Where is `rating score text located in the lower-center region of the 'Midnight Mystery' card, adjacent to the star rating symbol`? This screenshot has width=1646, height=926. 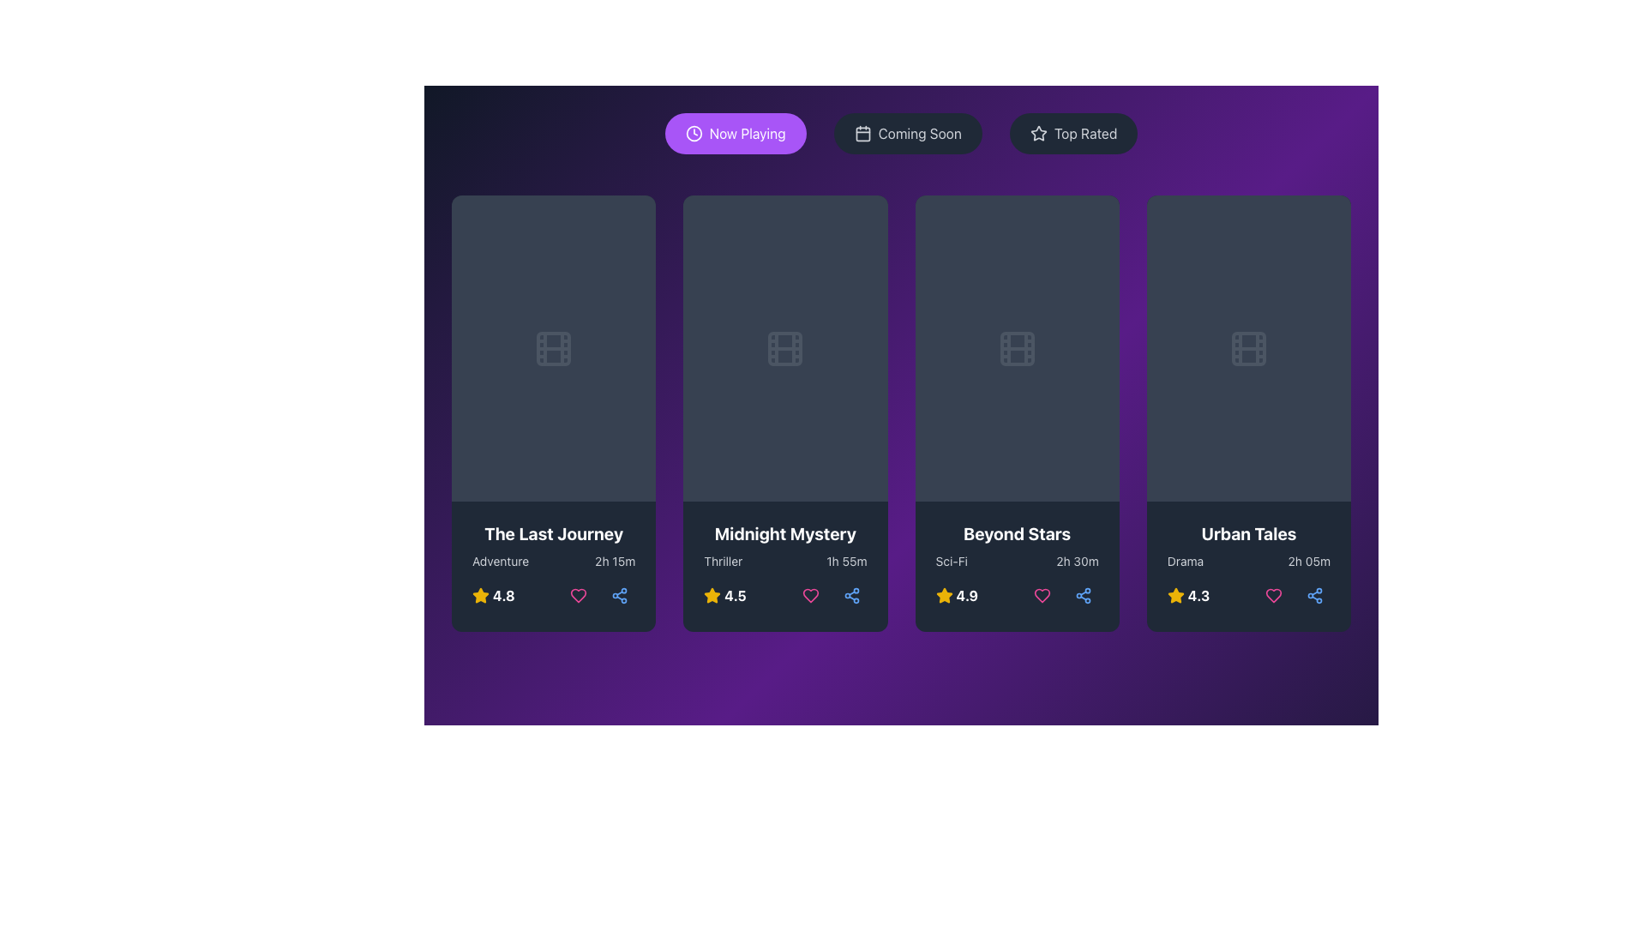 rating score text located in the lower-center region of the 'Midnight Mystery' card, adjacent to the star rating symbol is located at coordinates (724, 595).